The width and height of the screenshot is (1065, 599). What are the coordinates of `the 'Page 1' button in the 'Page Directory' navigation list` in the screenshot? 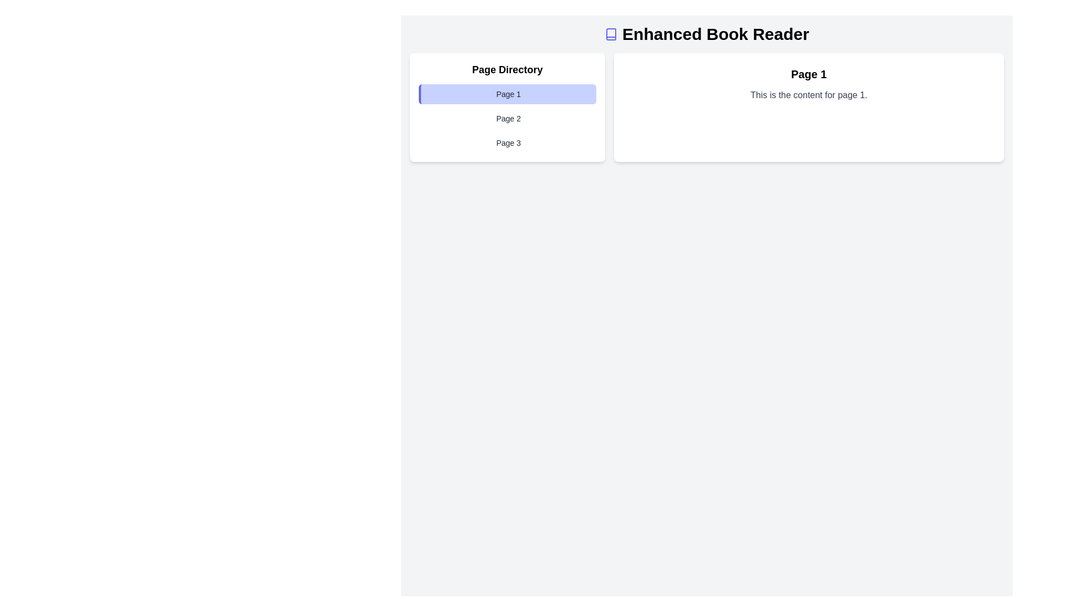 It's located at (506, 93).